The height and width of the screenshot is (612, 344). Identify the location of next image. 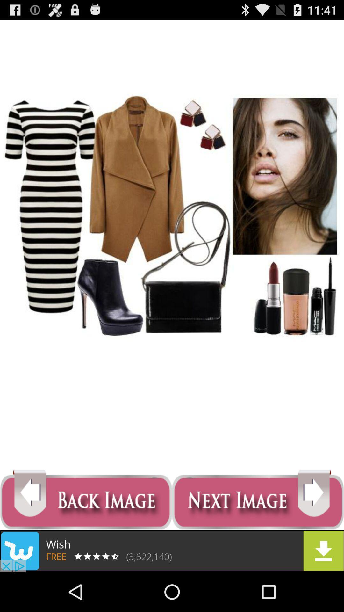
(258, 500).